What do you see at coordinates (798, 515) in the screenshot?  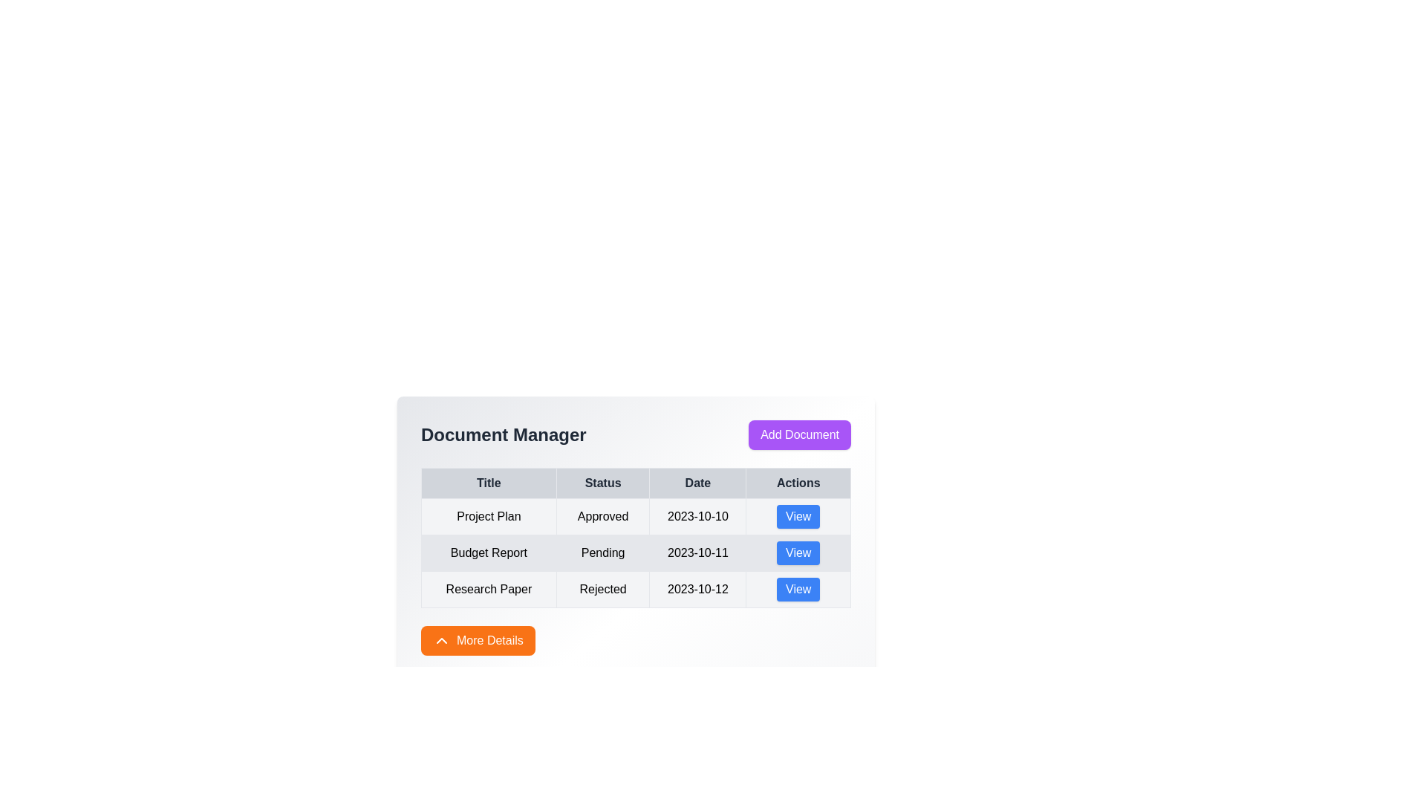 I see `the 'Actions' button in the first row of the table associated with the 'Project Plan' entry` at bounding box center [798, 515].